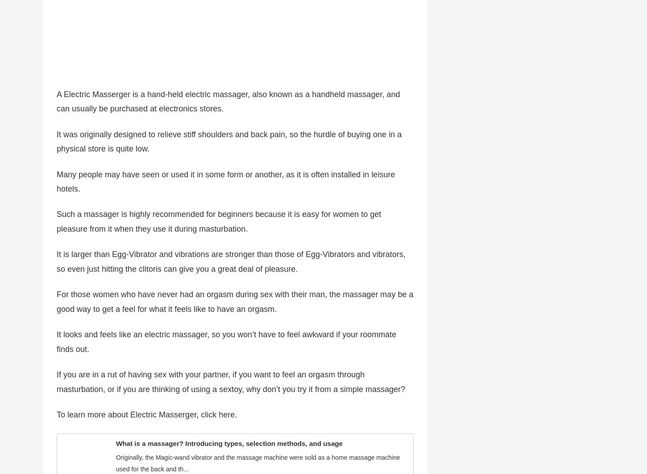  What do you see at coordinates (229, 448) in the screenshot?
I see `'What is a massager? Introducing types, selection methods, and usage'` at bounding box center [229, 448].